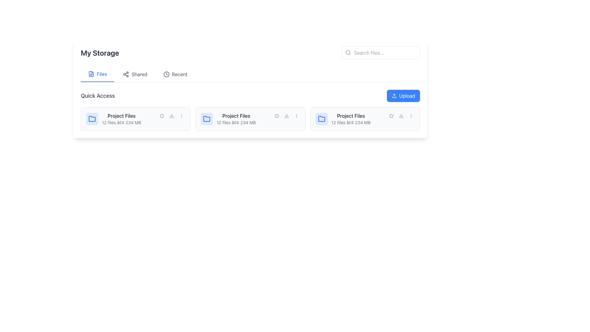 The height and width of the screenshot is (332, 590). I want to click on the first clickable card representing a folder in the 'Quick Access' section of the My Storage interface, so click(135, 119).